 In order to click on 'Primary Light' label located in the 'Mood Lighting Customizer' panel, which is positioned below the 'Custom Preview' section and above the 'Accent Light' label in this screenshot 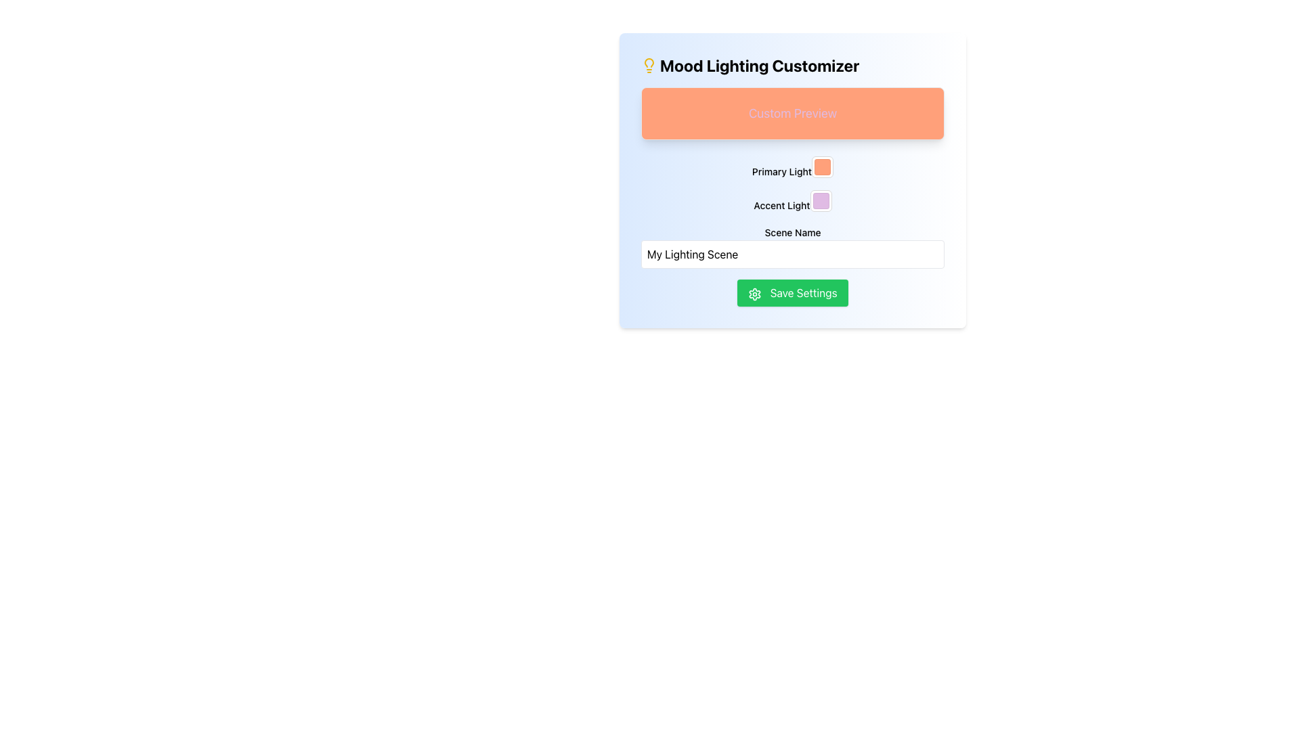, I will do `click(793, 167)`.